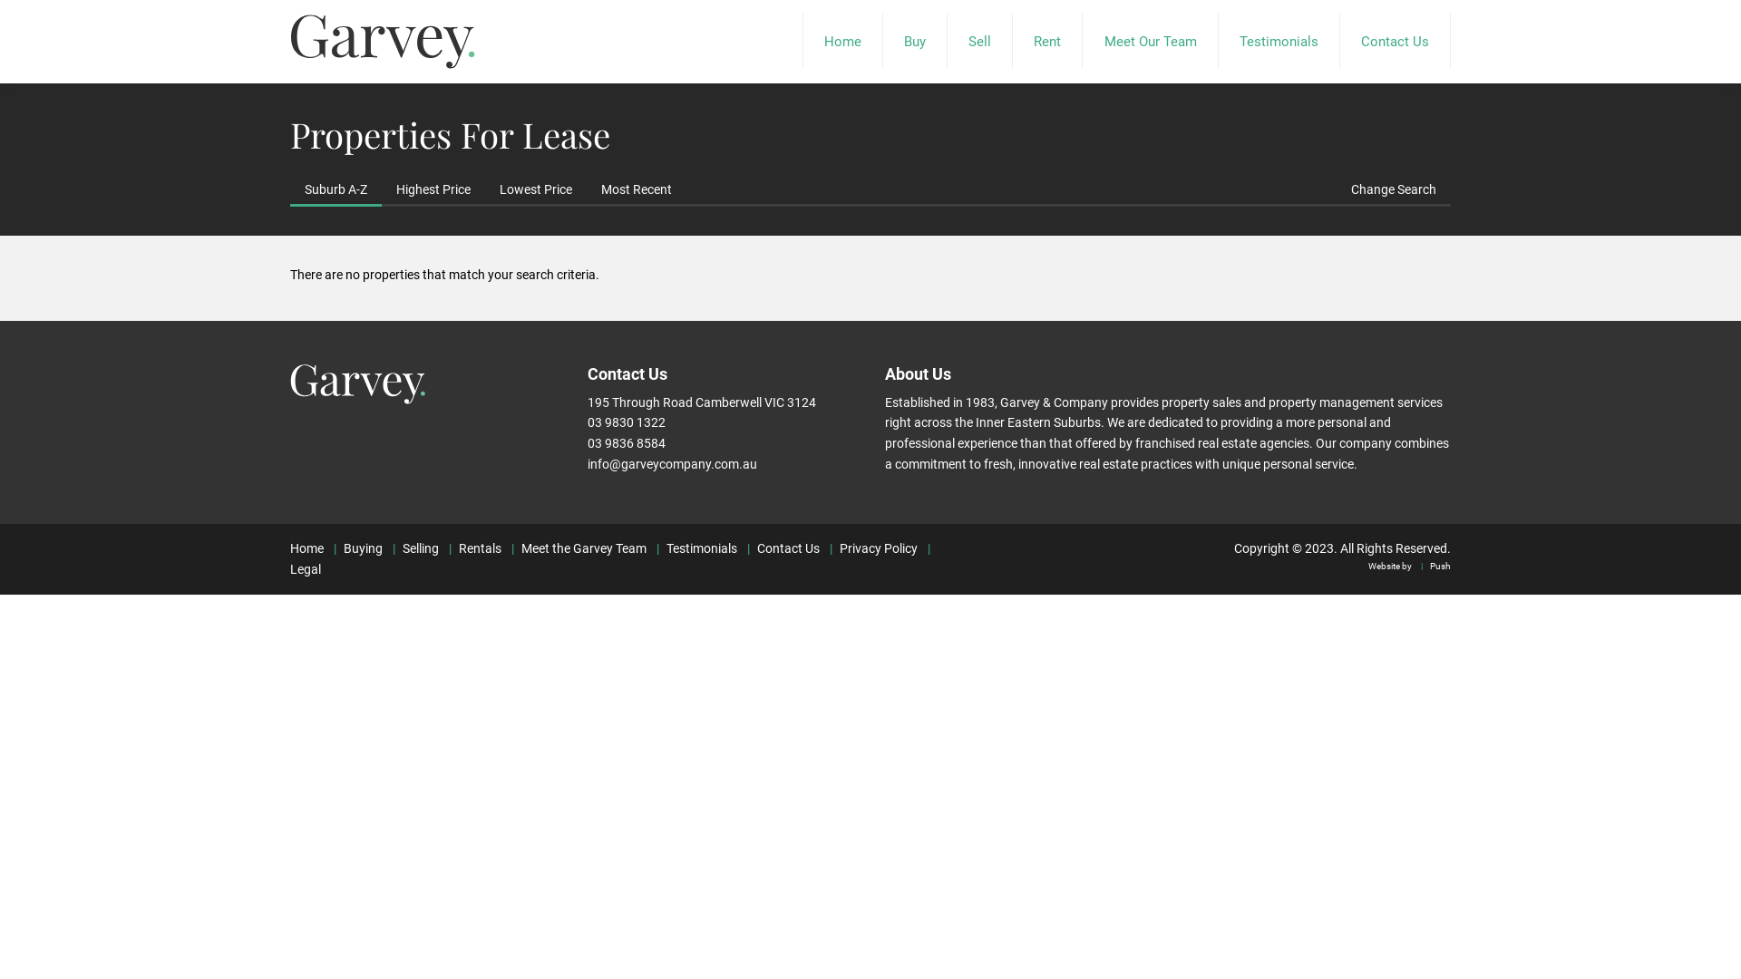 This screenshot has height=979, width=1741. I want to click on 'Sell', so click(978, 41).